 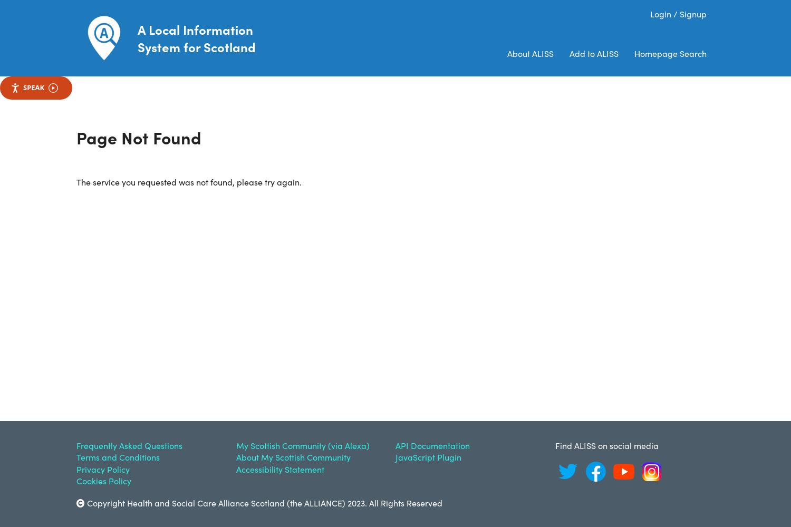 What do you see at coordinates (594, 53) in the screenshot?
I see `'Add to ALISS'` at bounding box center [594, 53].